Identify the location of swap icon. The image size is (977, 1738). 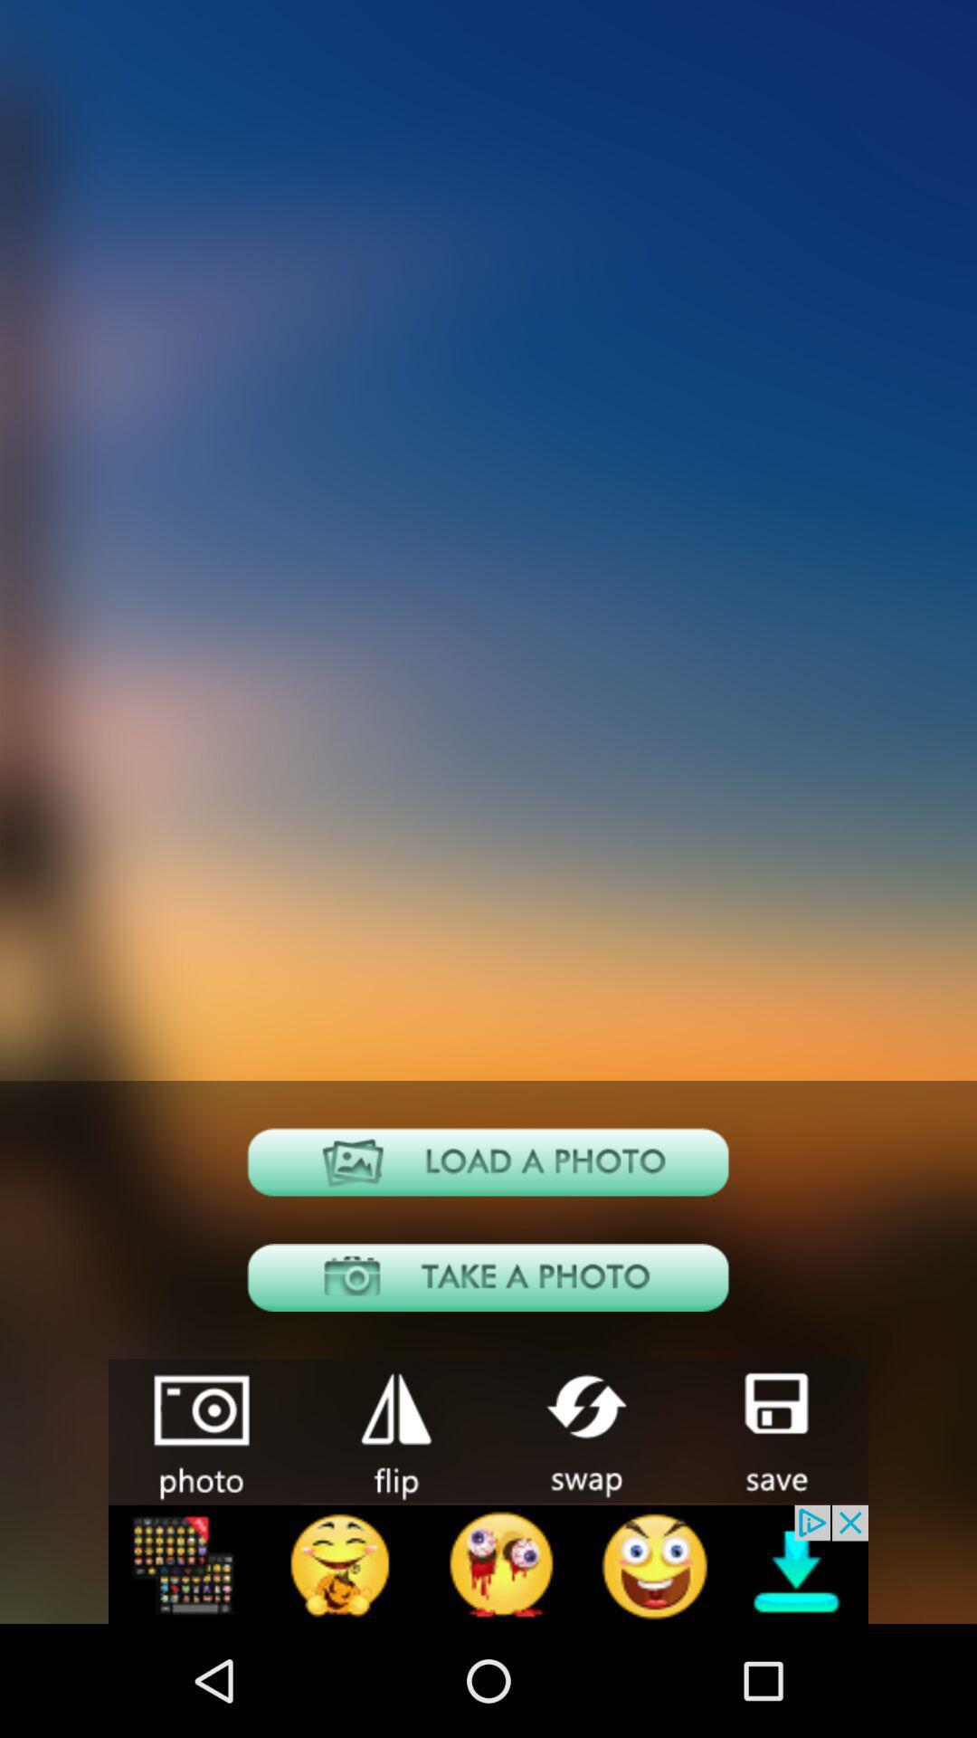
(583, 1429).